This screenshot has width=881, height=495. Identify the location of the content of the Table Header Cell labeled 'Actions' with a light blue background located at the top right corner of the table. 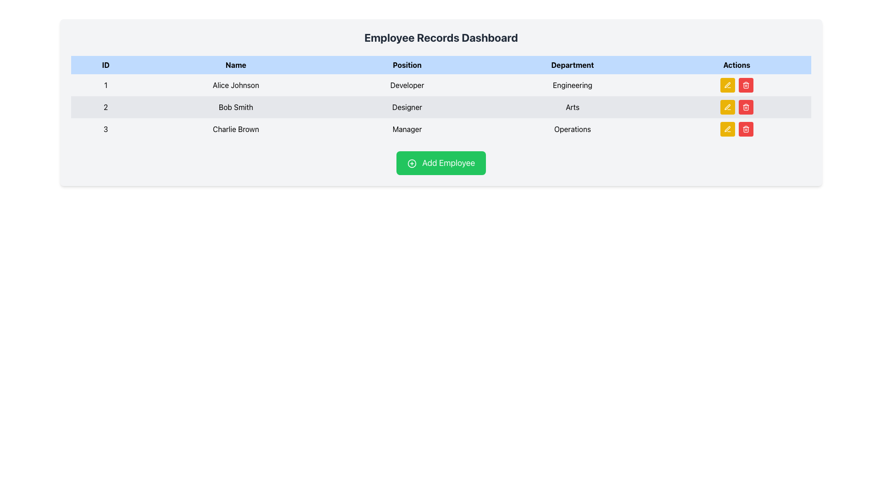
(736, 65).